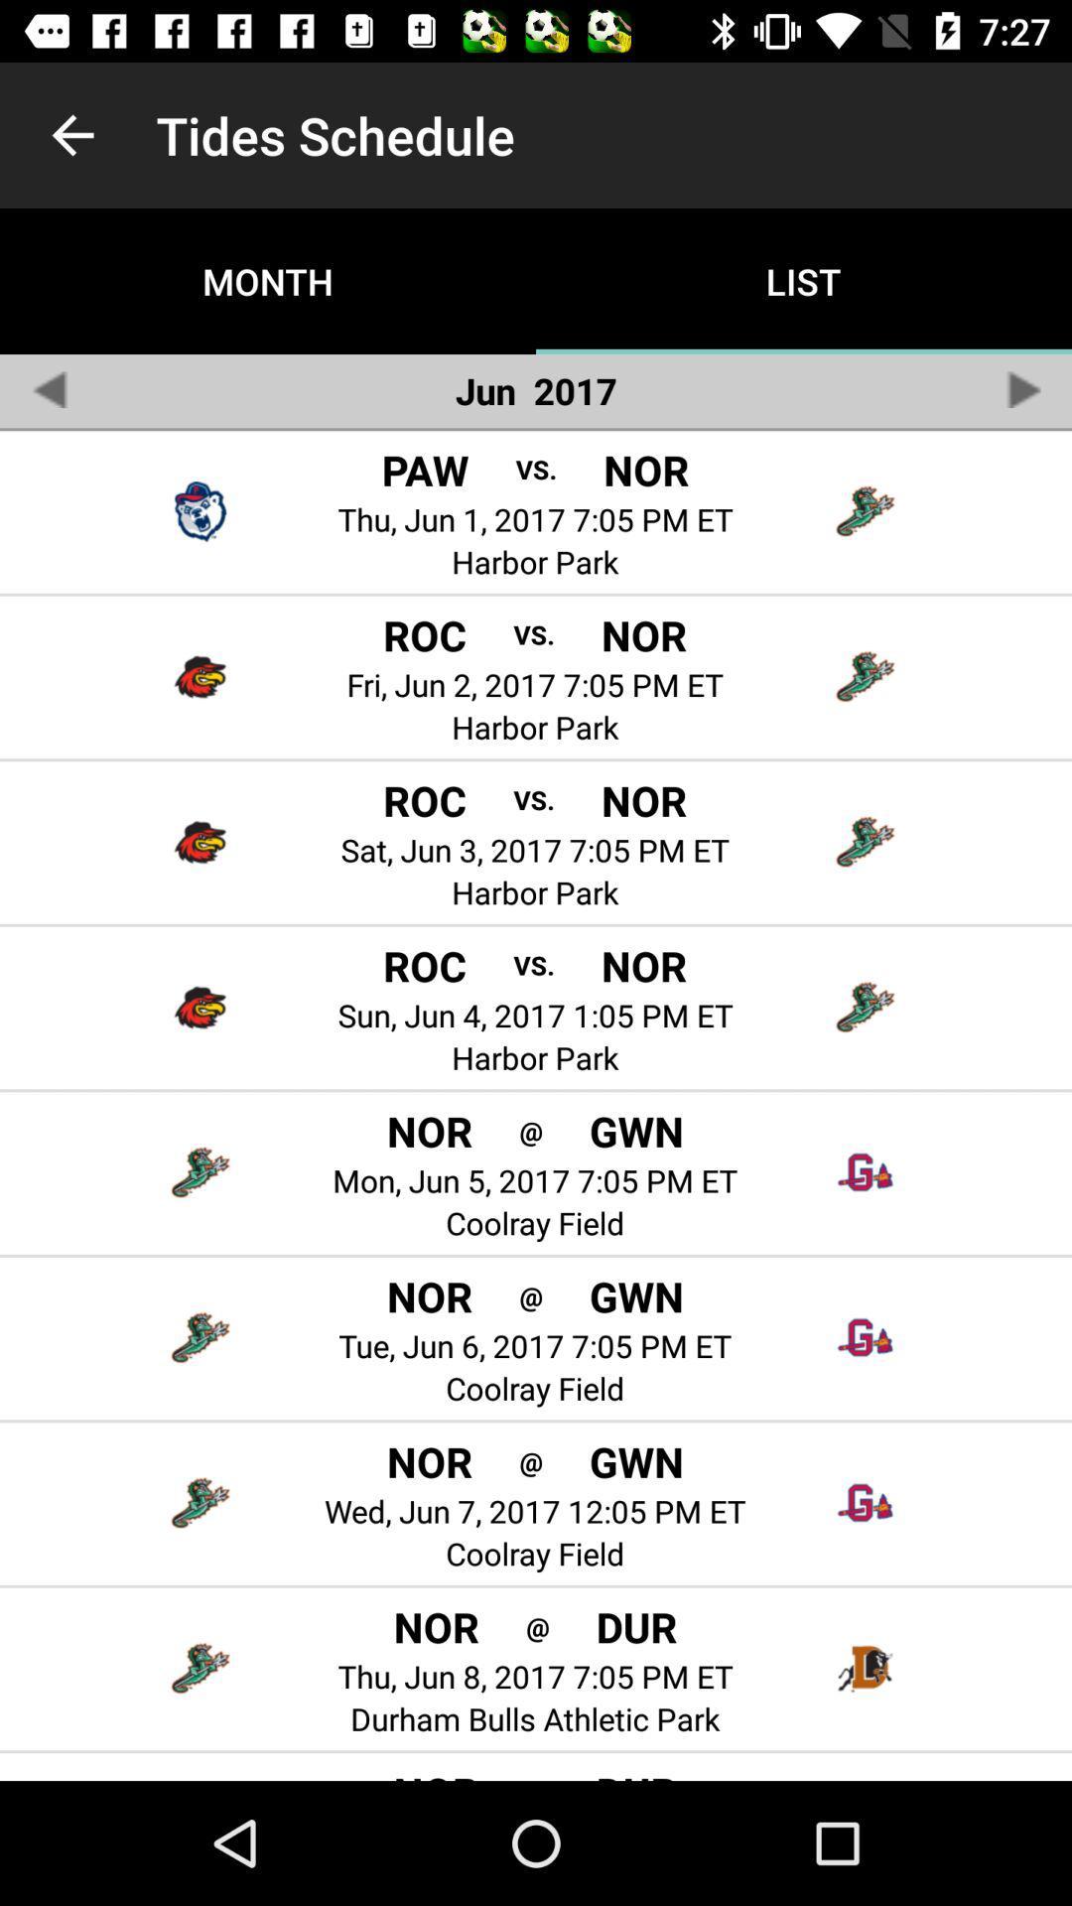  What do you see at coordinates (530, 1460) in the screenshot?
I see `the icon next to the gwn app` at bounding box center [530, 1460].